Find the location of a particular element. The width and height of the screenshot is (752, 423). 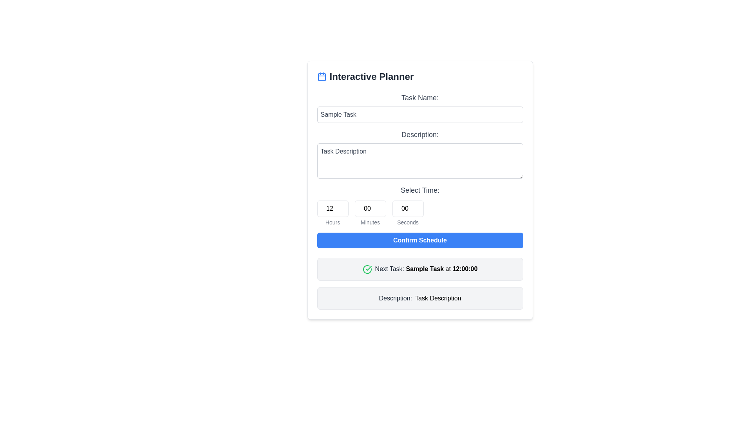

keyboard shortcuts is located at coordinates (419, 161).